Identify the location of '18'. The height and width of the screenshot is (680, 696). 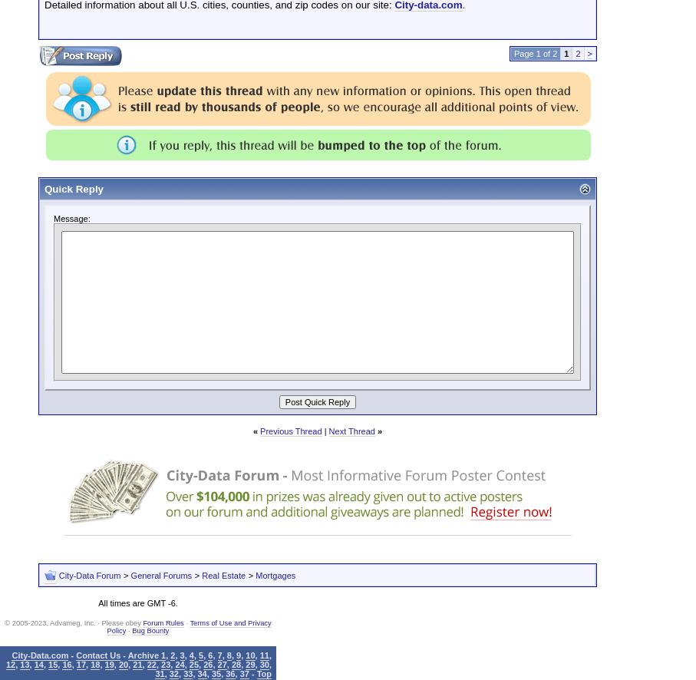
(90, 663).